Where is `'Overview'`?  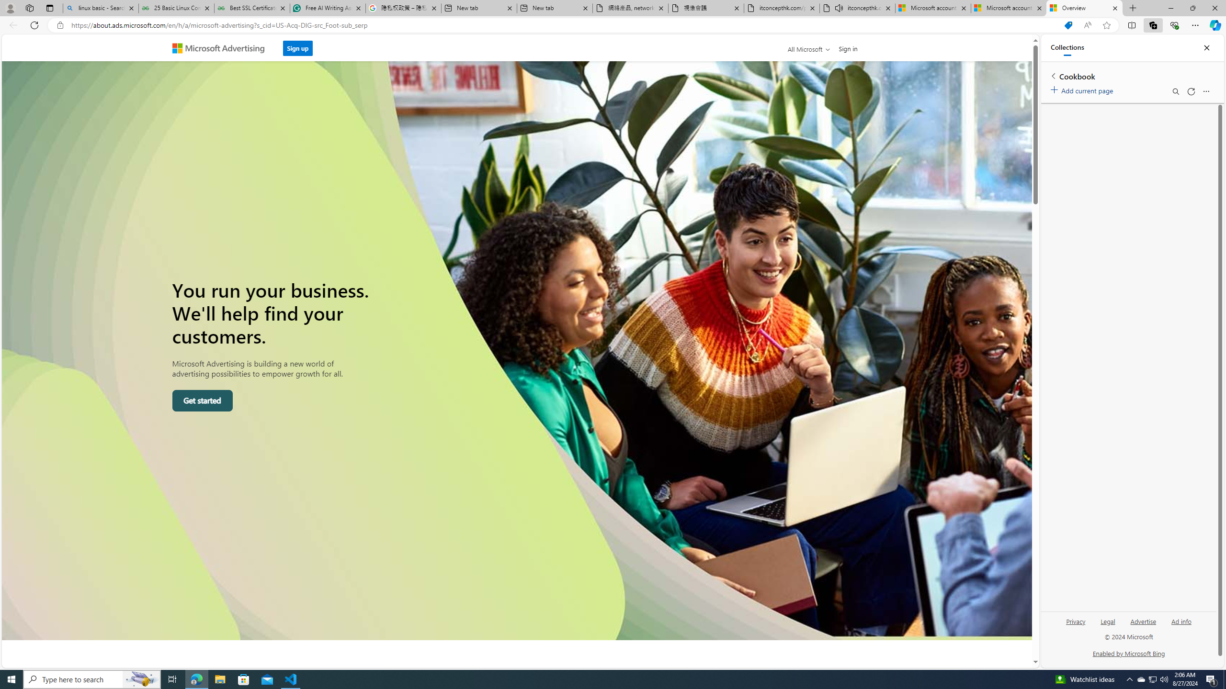 'Overview' is located at coordinates (1084, 8).